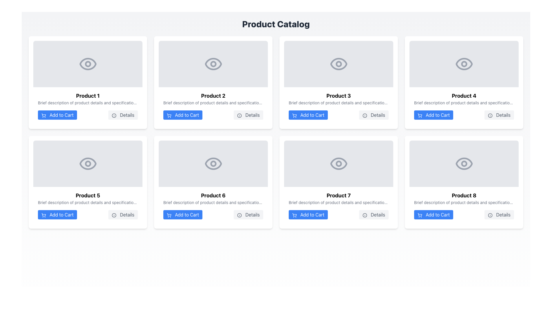 The image size is (556, 313). Describe the element at coordinates (464, 163) in the screenshot. I see `the small gray circular shape that represents the iris or pupil in the eye icon within the 'Product 8' graphical information at the bottom-right corner of the layout` at that location.